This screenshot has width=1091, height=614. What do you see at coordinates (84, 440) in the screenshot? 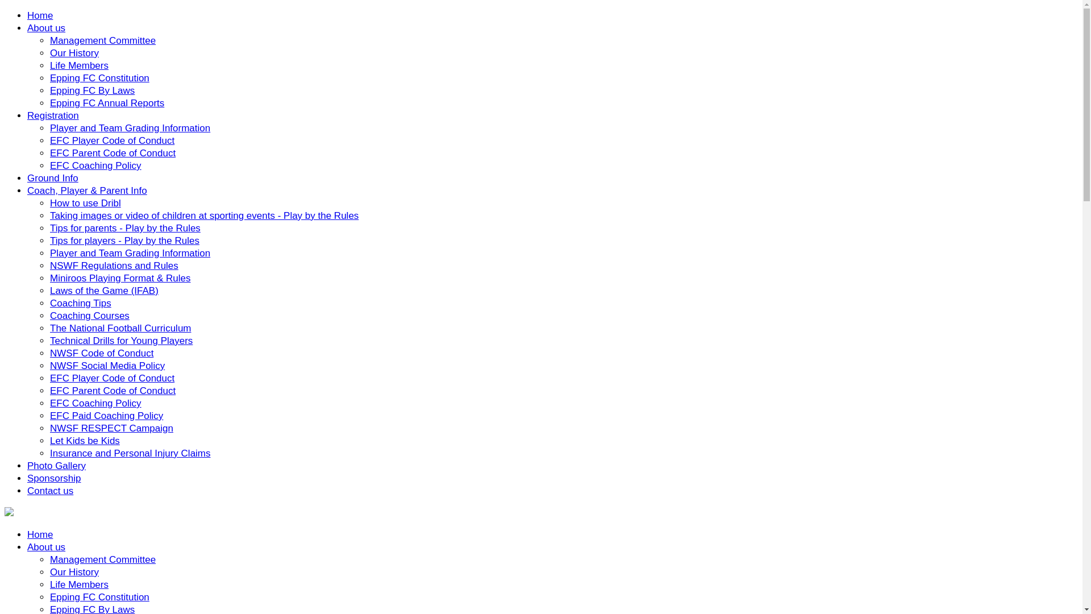
I see `'Let Kids be Kids'` at bounding box center [84, 440].